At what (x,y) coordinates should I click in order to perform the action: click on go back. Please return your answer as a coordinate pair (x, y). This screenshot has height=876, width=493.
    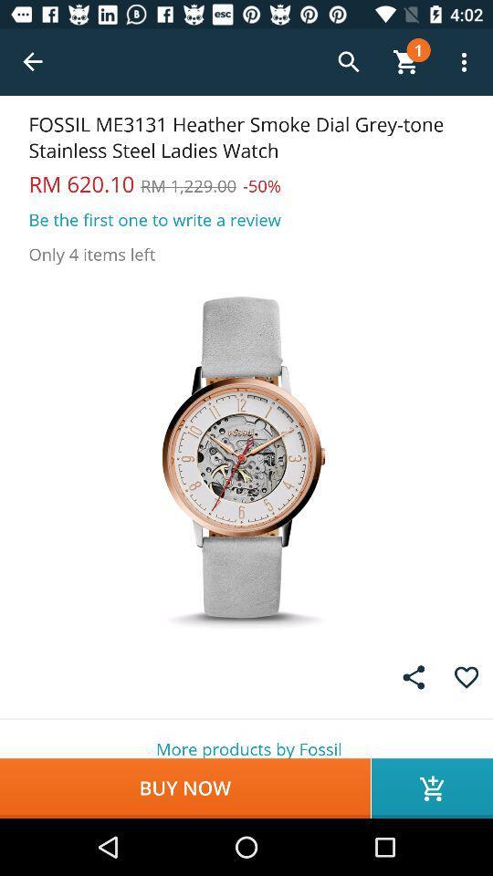
    Looking at the image, I should click on (33, 62).